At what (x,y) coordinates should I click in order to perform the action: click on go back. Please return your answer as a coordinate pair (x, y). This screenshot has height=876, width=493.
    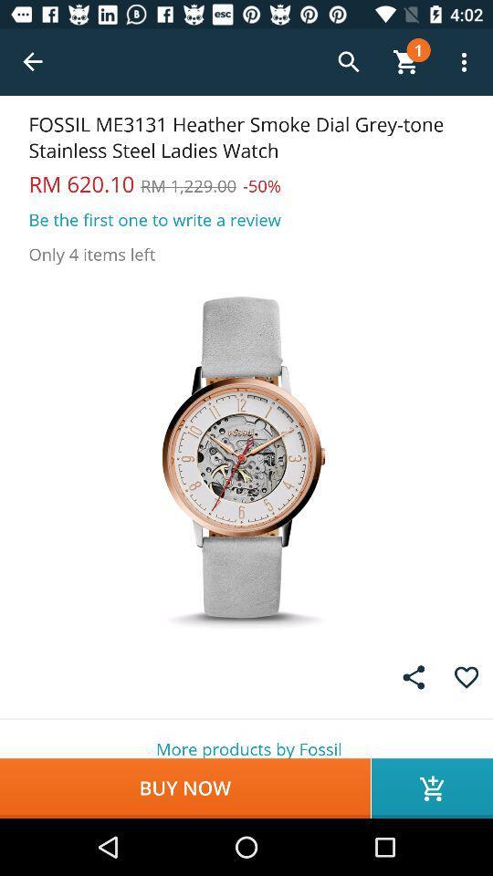
    Looking at the image, I should click on (33, 62).